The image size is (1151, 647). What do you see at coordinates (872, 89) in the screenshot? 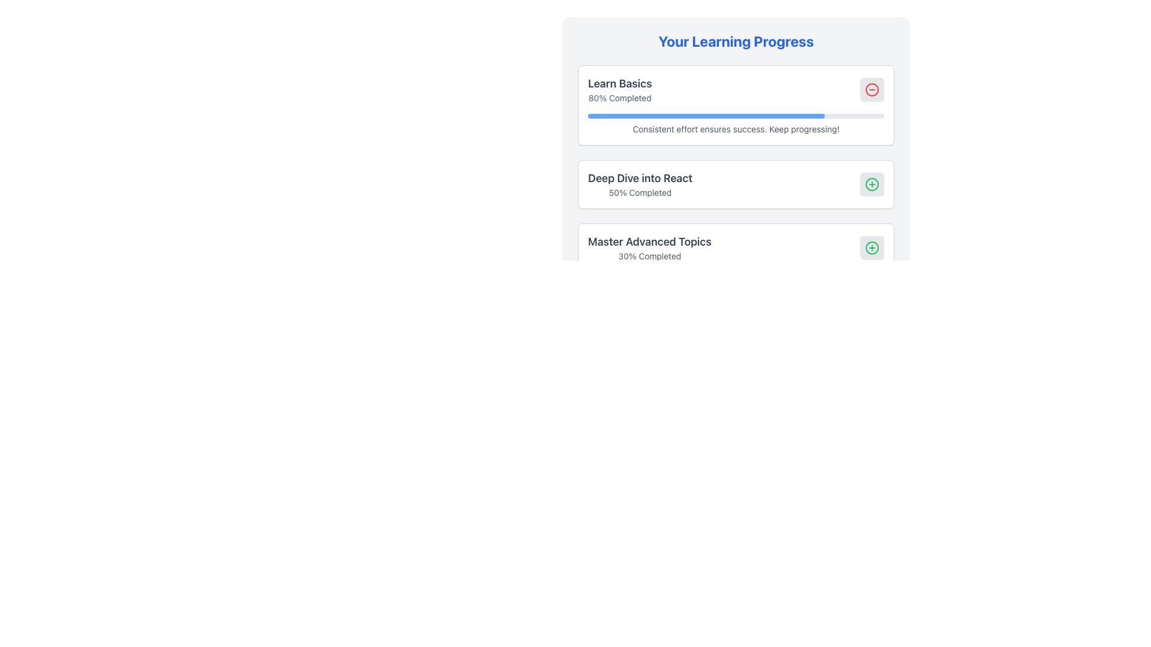
I see `the SVG circle component representing the 'Remove' or 'Minus' icon in the upper right corner of the 'Learn Basics' section` at bounding box center [872, 89].